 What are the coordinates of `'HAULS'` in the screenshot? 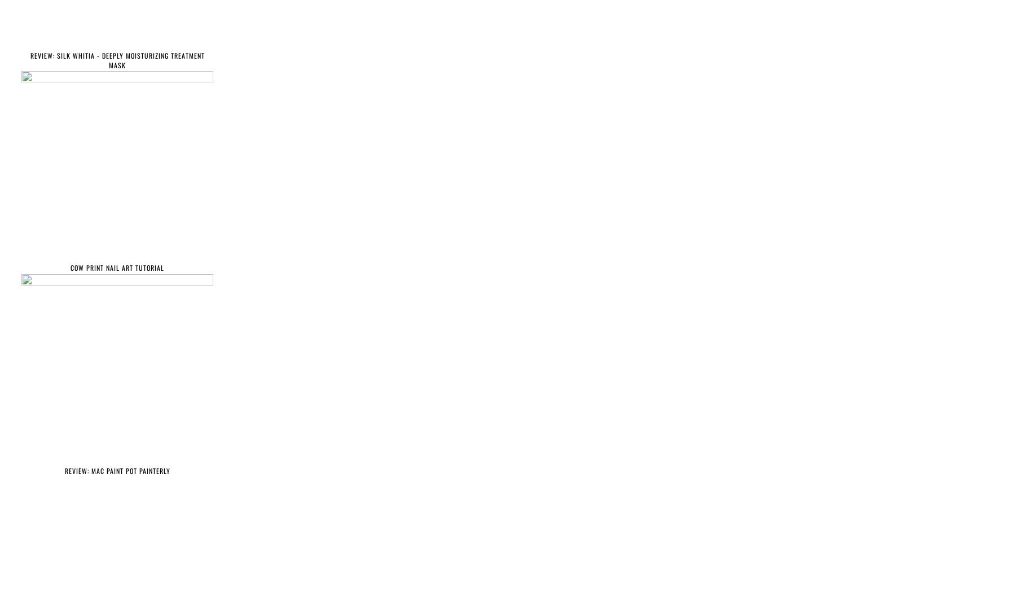 It's located at (117, 587).